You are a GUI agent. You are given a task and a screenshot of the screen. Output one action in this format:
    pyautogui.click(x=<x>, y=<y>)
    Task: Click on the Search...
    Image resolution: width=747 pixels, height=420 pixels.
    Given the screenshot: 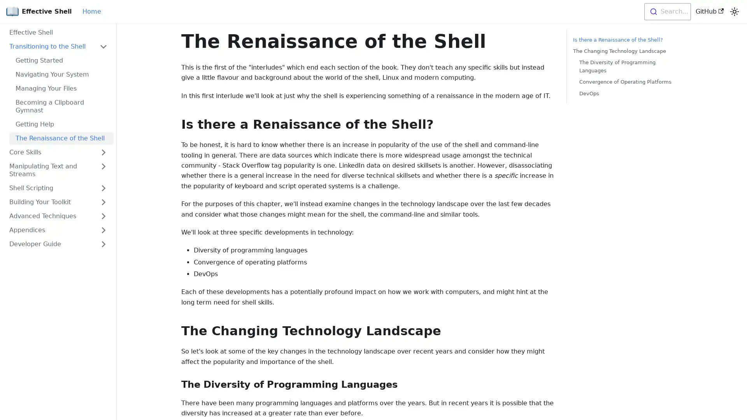 What is the action you would take?
    pyautogui.click(x=666, y=12)
    